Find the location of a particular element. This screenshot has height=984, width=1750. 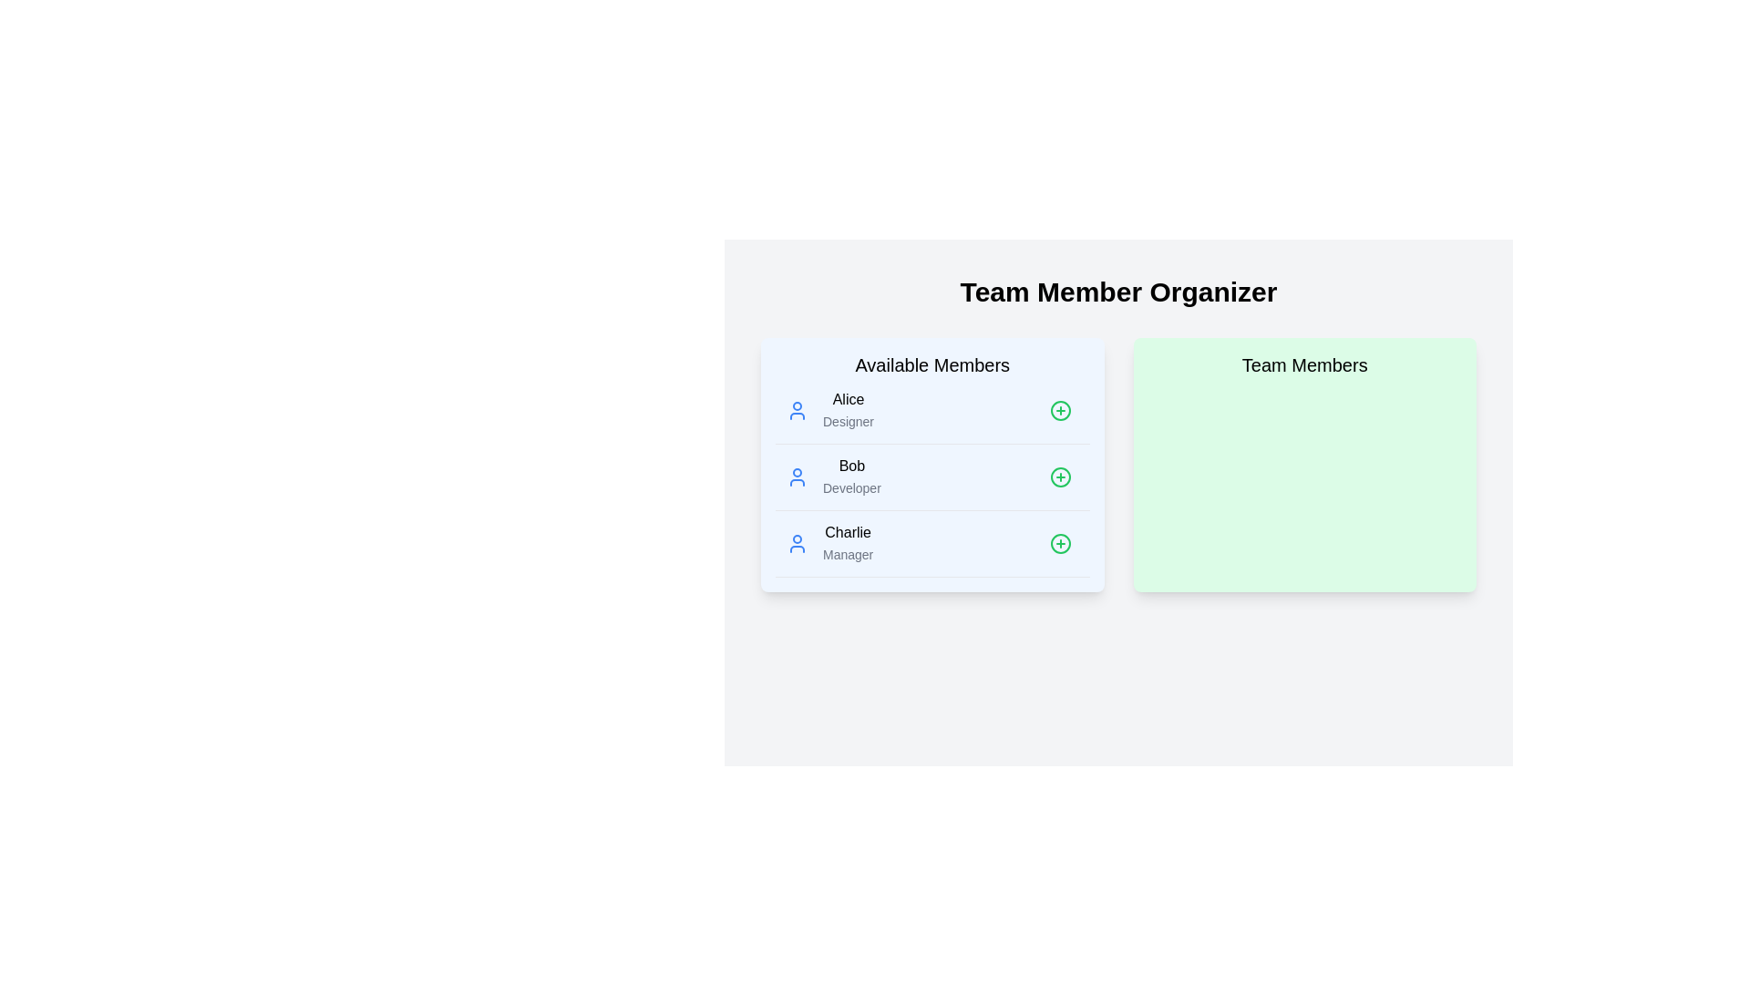

the text block displaying information about the team member 'Bob', which is located in the second row of the 'Available Members' panel is located at coordinates (850, 477).